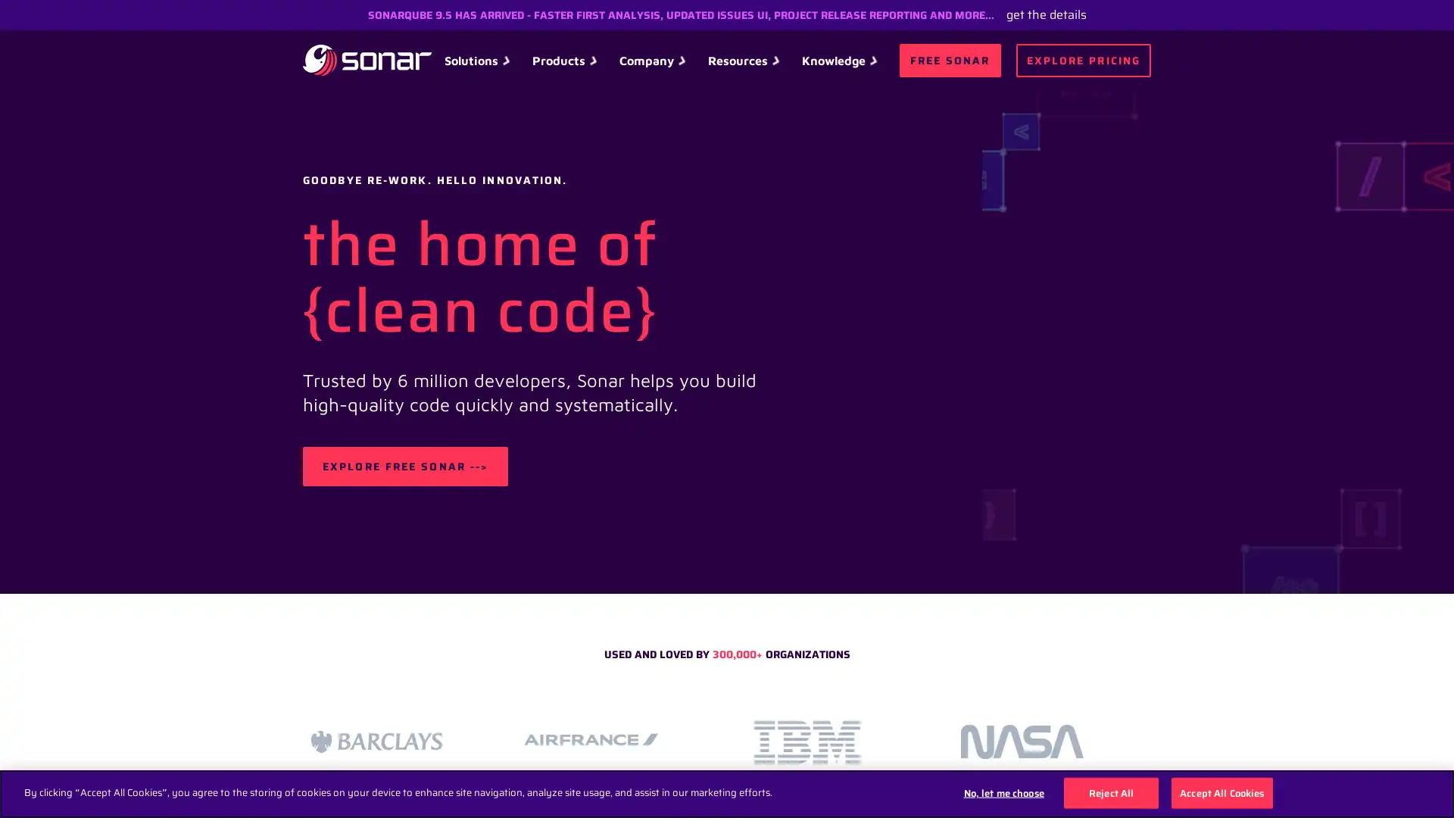 This screenshot has height=818, width=1454. What do you see at coordinates (1111, 791) in the screenshot?
I see `Reject All` at bounding box center [1111, 791].